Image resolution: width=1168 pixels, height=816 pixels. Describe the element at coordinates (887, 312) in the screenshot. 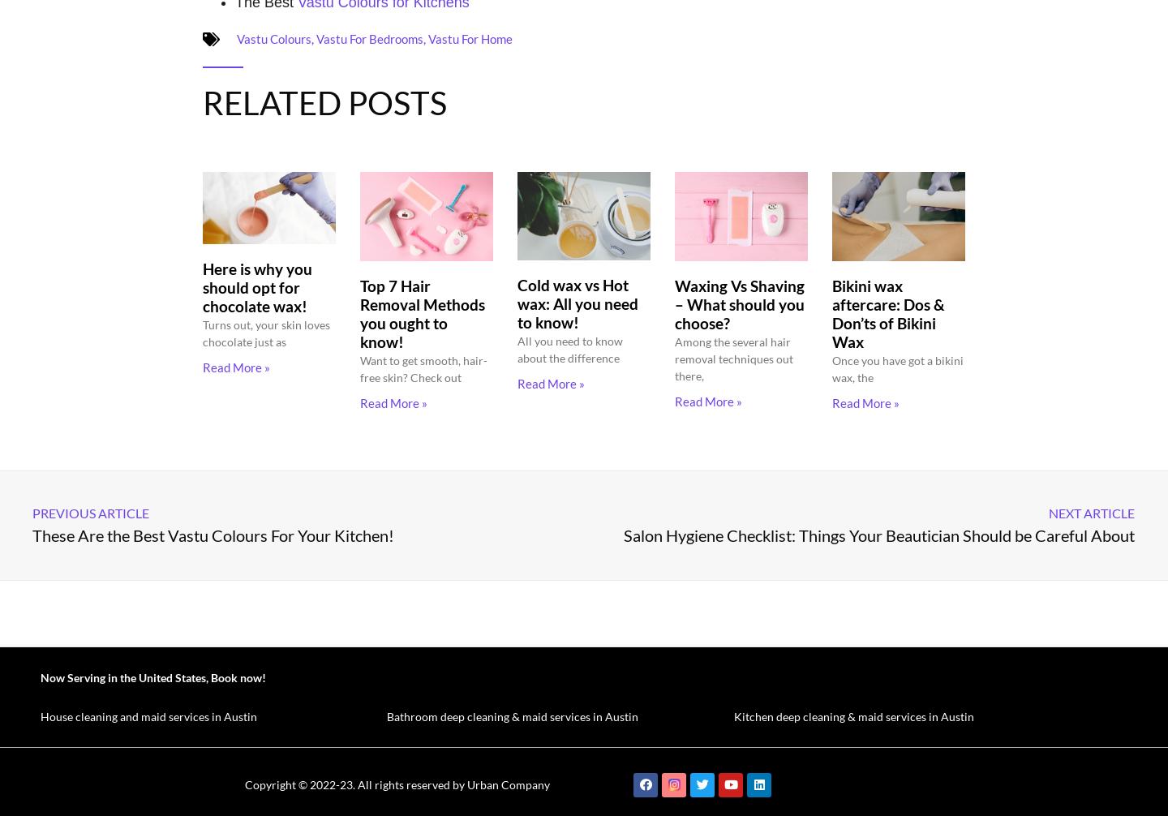

I see `'Bikini wax aftercare: Dos & Don’ts of Bikini Wax'` at that location.